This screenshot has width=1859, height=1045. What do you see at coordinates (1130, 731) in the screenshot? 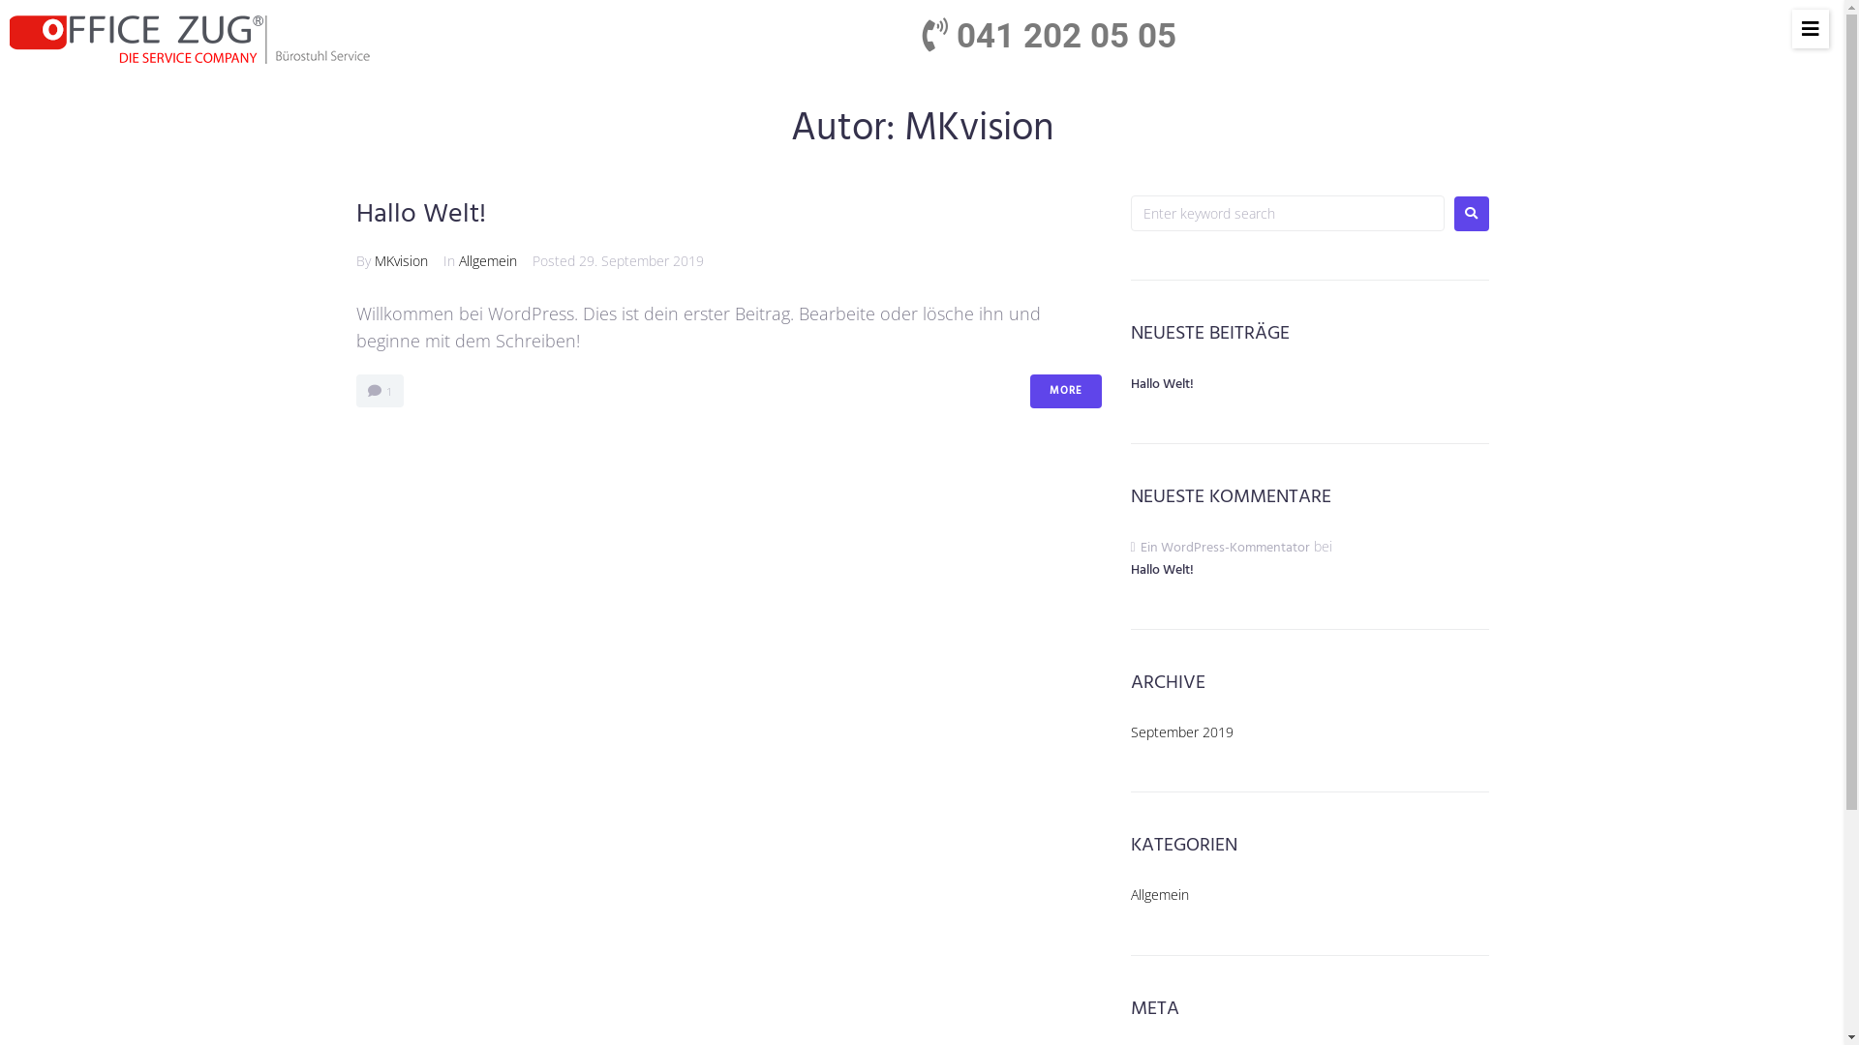
I see `'September 2019'` at bounding box center [1130, 731].